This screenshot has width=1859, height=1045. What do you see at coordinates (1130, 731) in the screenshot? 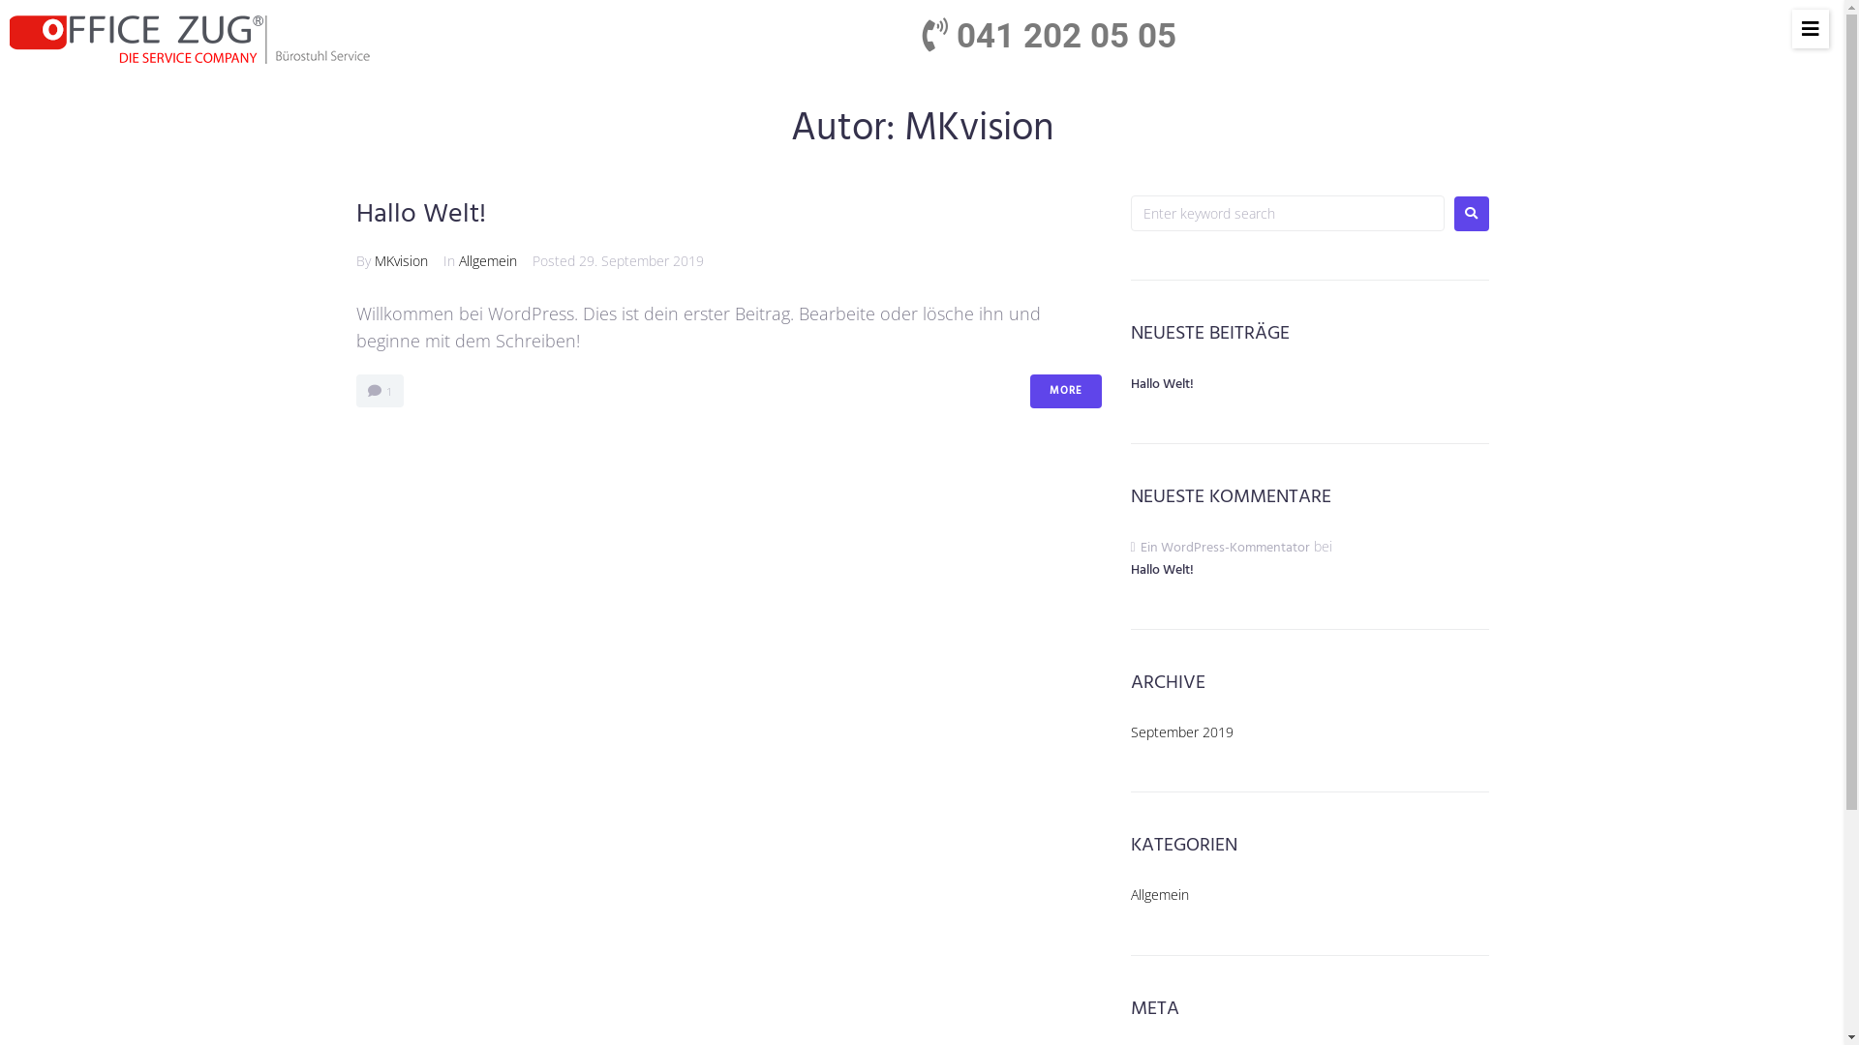
I see `'September 2019'` at bounding box center [1130, 731].